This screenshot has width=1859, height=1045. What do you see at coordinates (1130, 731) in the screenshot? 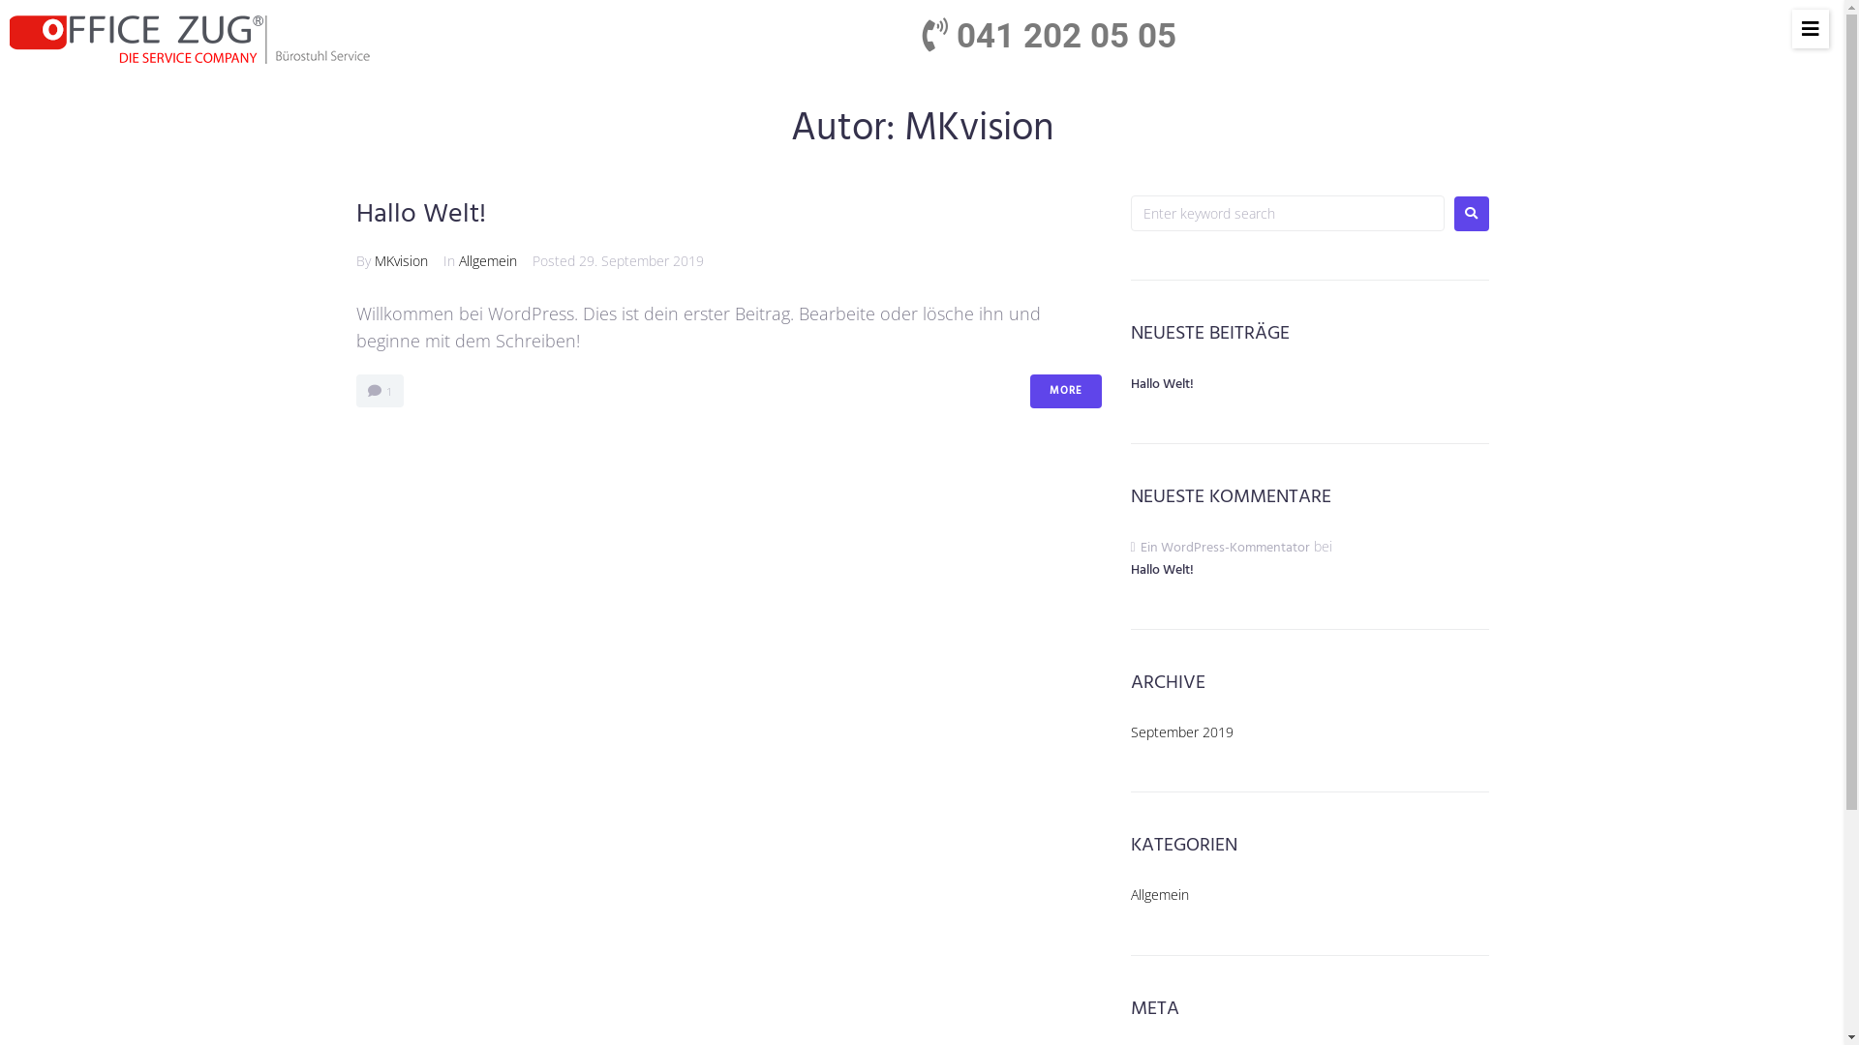
I see `'September 2019'` at bounding box center [1130, 731].